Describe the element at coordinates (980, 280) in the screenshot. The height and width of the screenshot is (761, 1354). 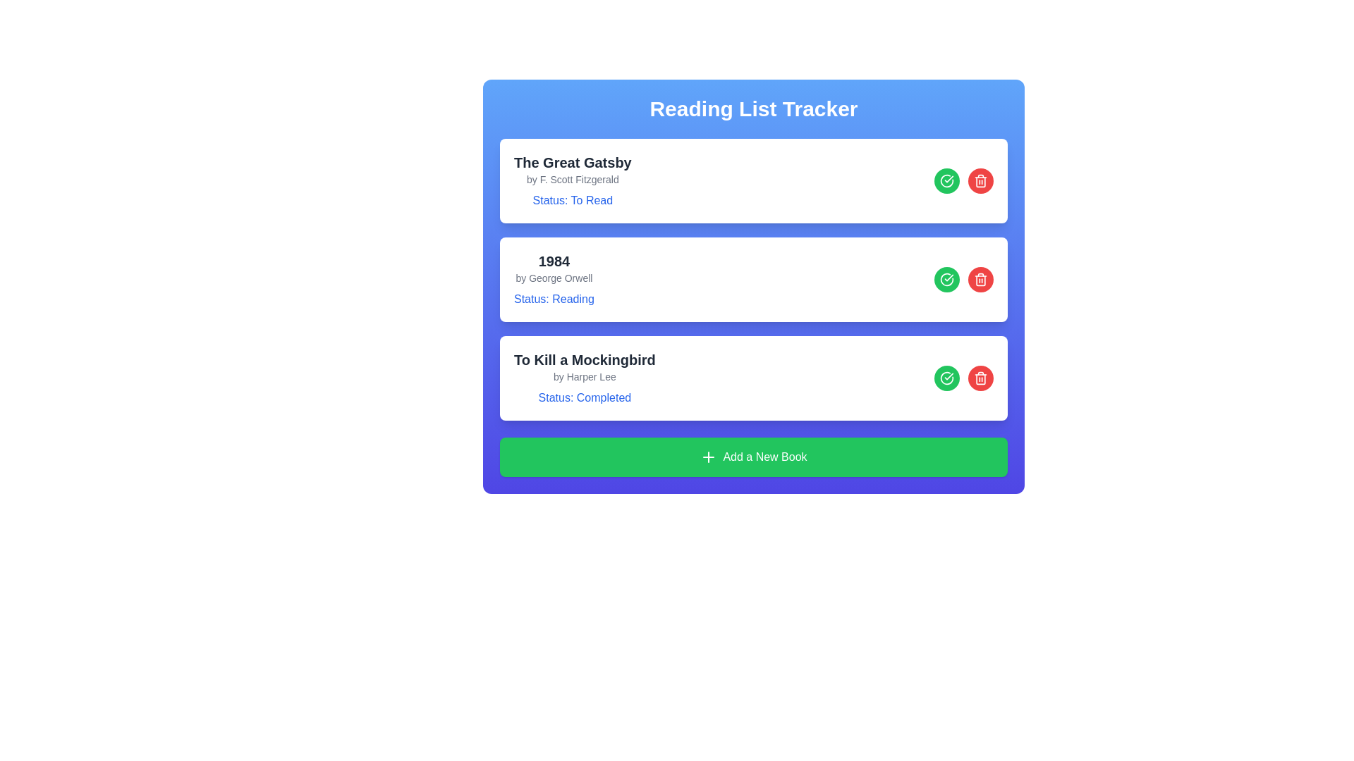
I see `the delete icon button for the book entry '1984'` at that location.